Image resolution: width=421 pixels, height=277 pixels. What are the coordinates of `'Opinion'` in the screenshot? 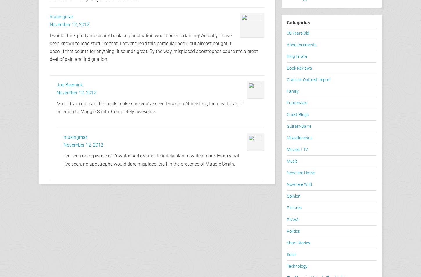 It's located at (294, 196).